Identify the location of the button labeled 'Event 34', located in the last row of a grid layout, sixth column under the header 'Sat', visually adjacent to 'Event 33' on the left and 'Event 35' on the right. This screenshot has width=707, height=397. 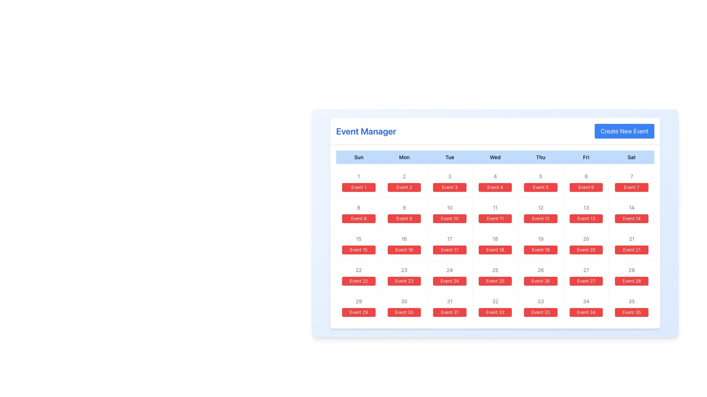
(586, 312).